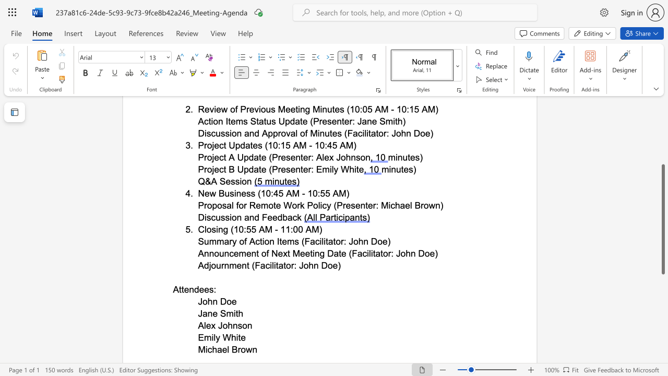 This screenshot has height=376, width=668. Describe the element at coordinates (226, 337) in the screenshot. I see `the 1th character "W" in the text` at that location.